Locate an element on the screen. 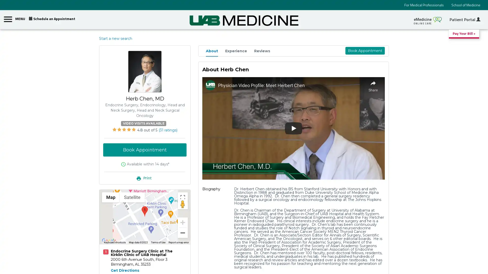  Keyboard shortcuts is located at coordinates (114, 242).